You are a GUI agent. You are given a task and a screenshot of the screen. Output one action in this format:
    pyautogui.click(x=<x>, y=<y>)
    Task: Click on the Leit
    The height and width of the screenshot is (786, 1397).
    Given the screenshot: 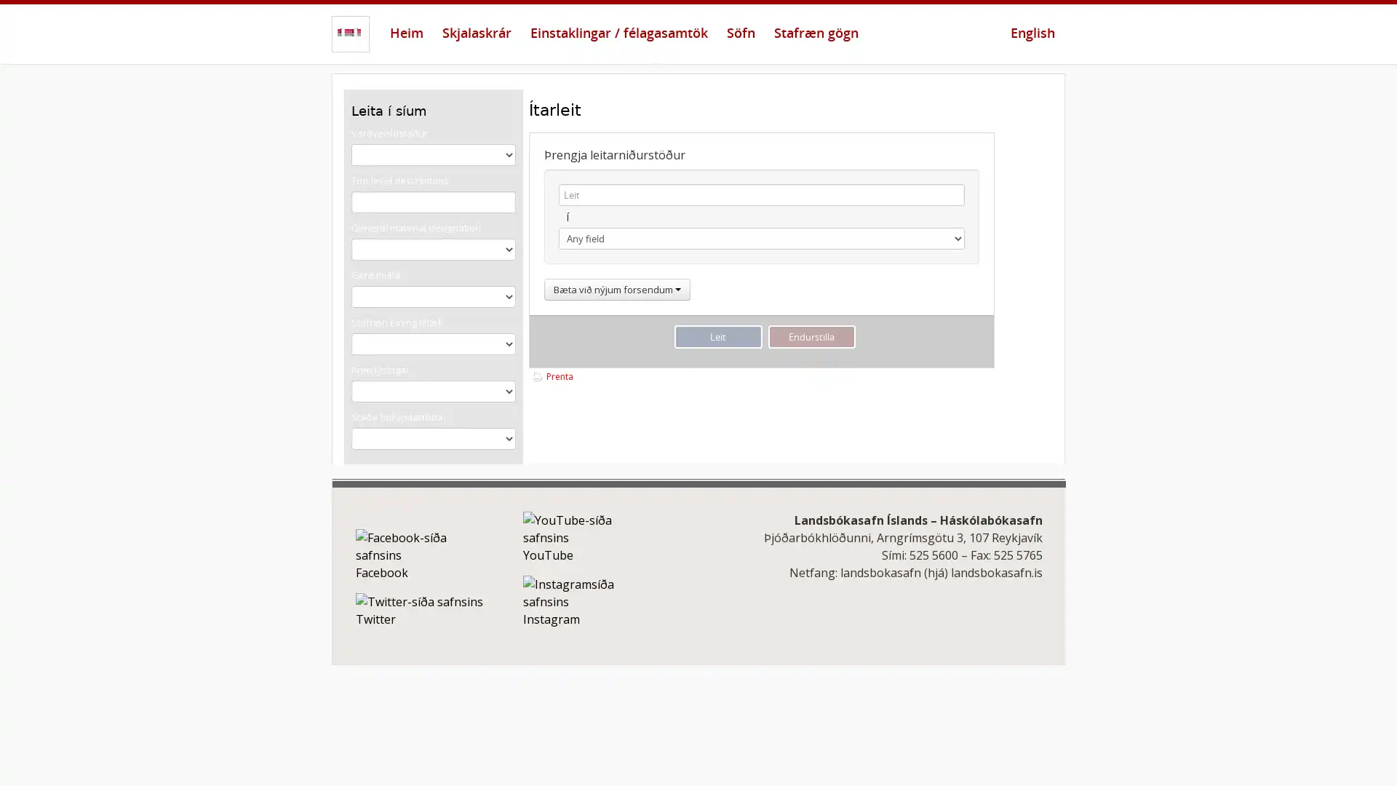 What is the action you would take?
    pyautogui.click(x=717, y=336)
    